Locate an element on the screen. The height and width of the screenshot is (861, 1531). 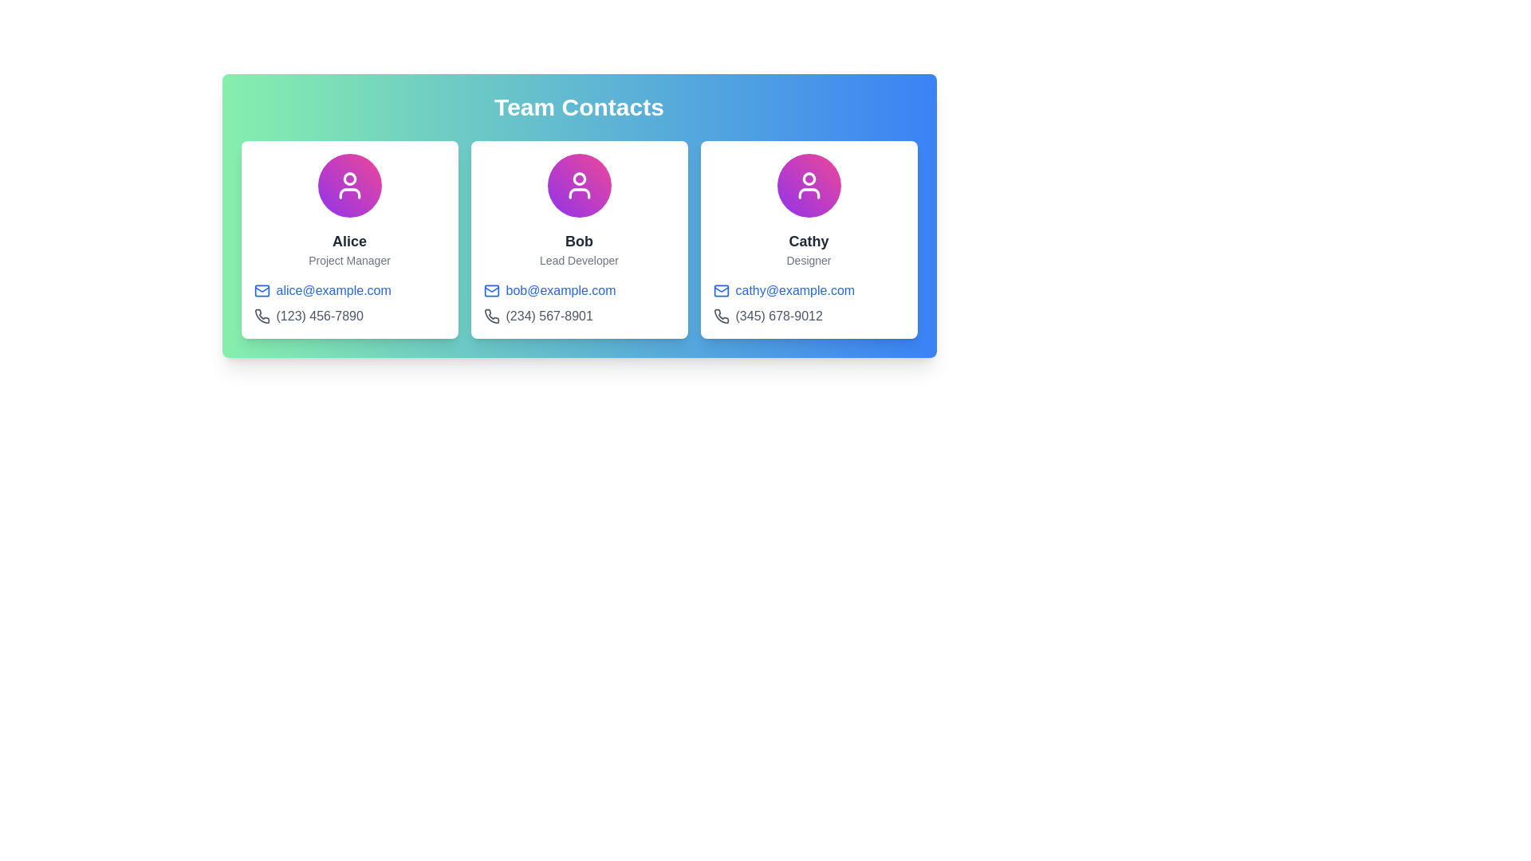
the text label displaying the phone number '(345) 678-9012' located at the bottom of the card titled 'Cathy - Designer.' is located at coordinates (779, 316).